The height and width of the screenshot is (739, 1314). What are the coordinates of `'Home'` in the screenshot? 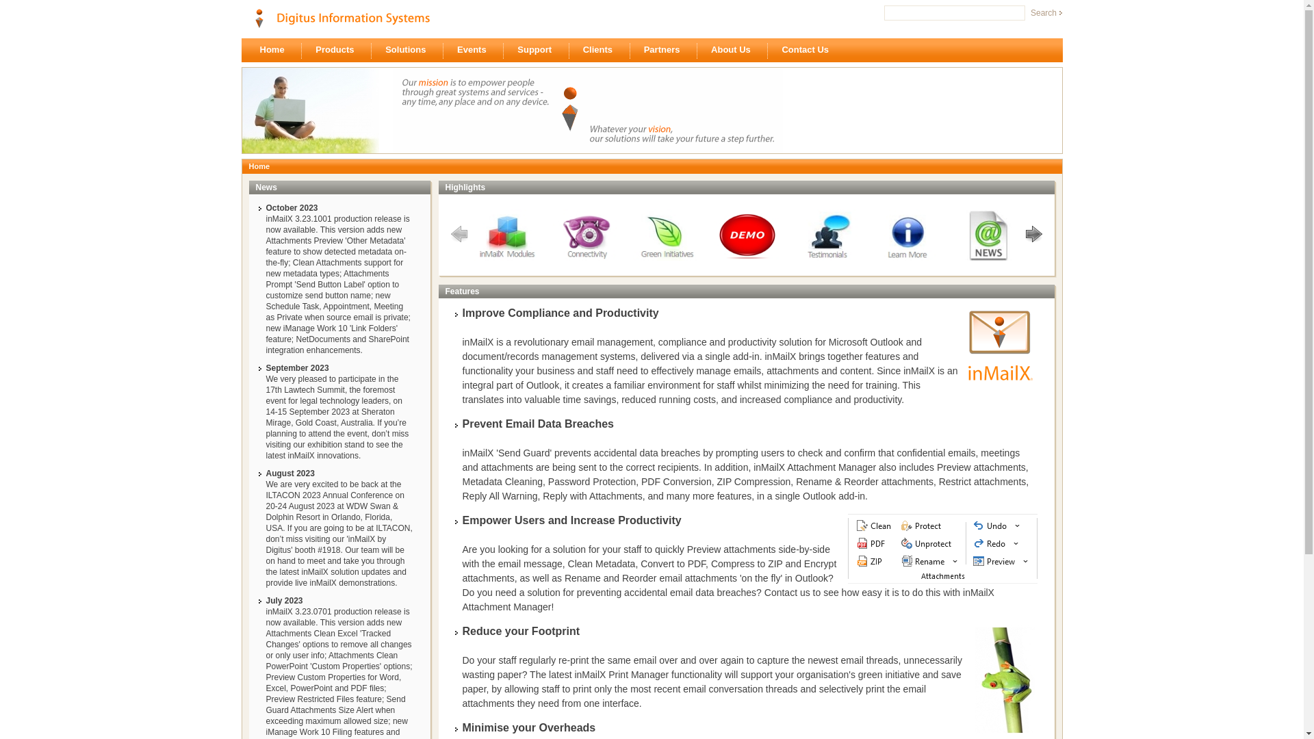 It's located at (275, 49).